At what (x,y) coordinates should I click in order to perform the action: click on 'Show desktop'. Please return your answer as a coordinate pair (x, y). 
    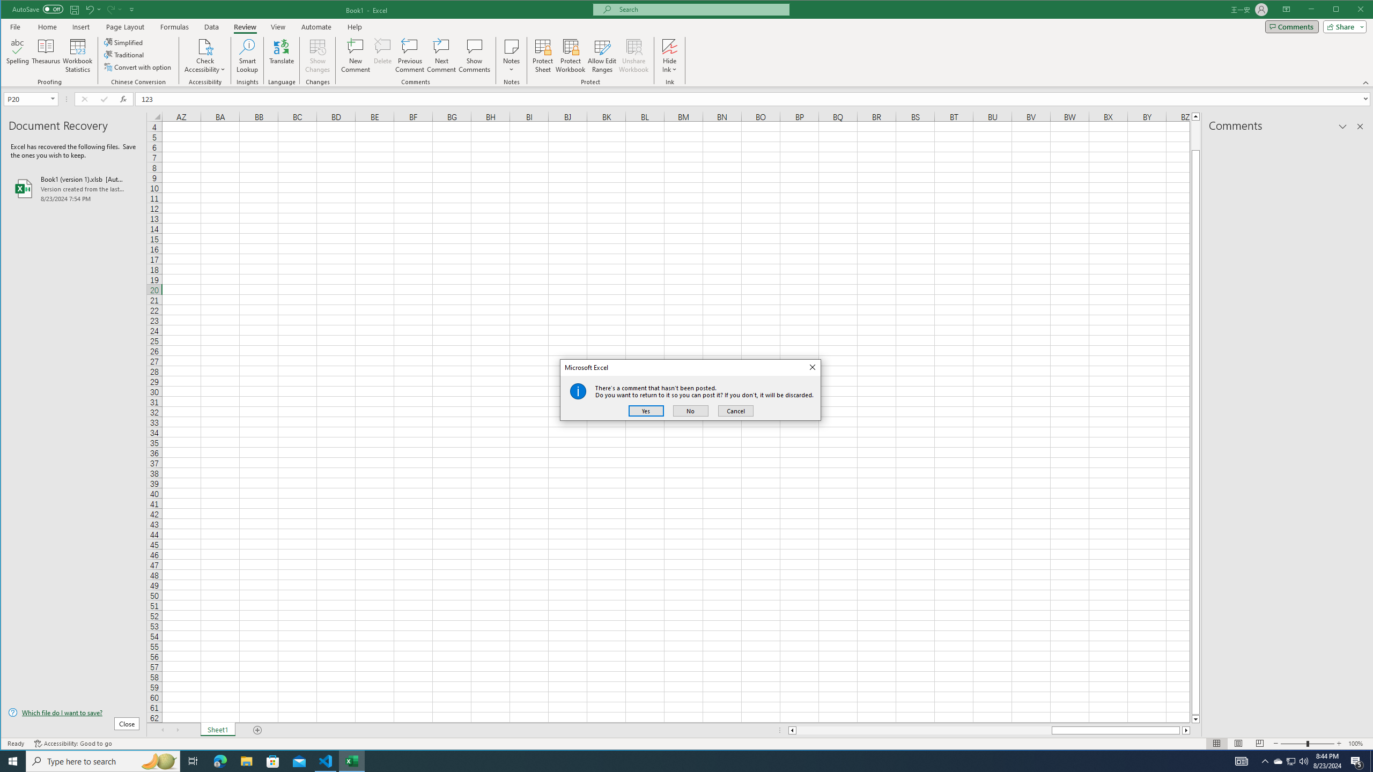
    Looking at the image, I should click on (1371, 760).